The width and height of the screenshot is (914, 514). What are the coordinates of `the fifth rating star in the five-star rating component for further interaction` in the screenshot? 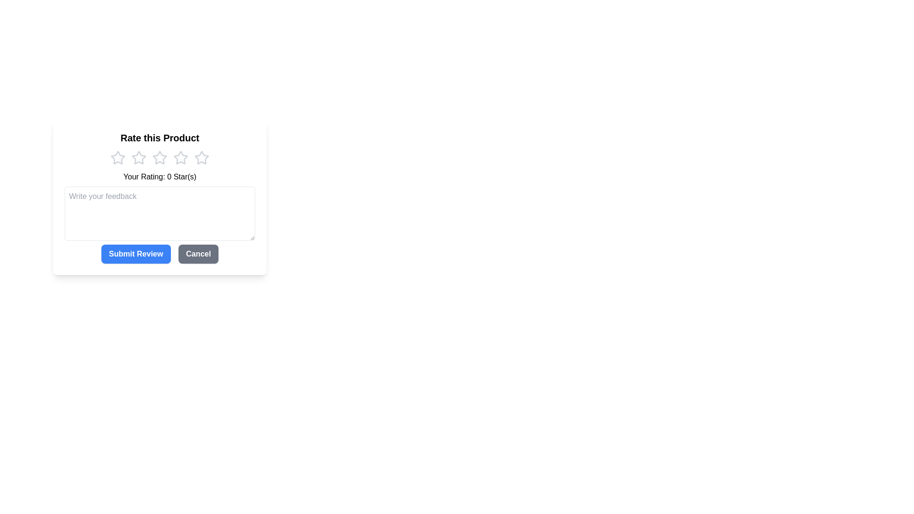 It's located at (201, 157).